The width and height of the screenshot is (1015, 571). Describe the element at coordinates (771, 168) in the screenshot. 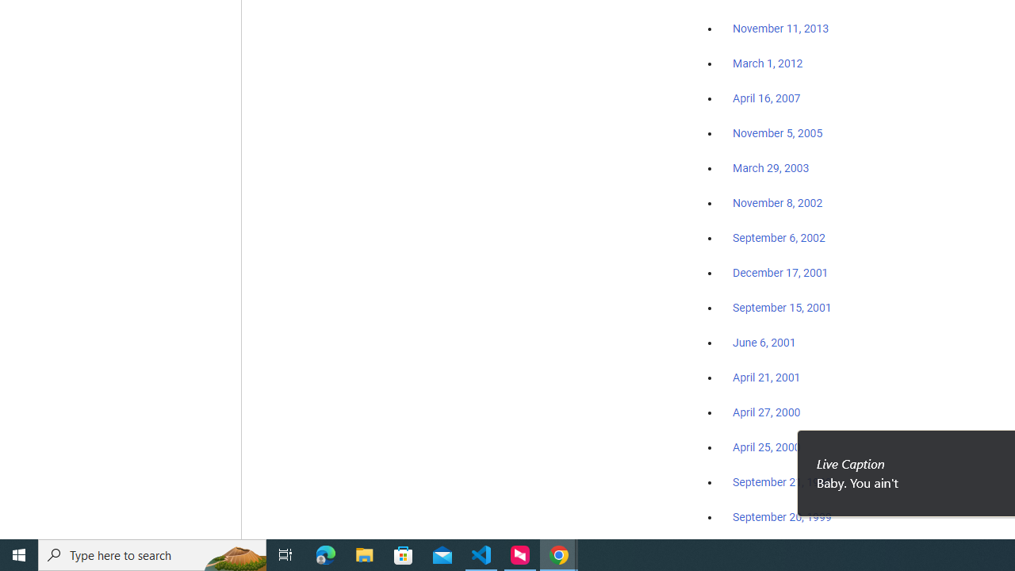

I see `'March 29, 2003'` at that location.